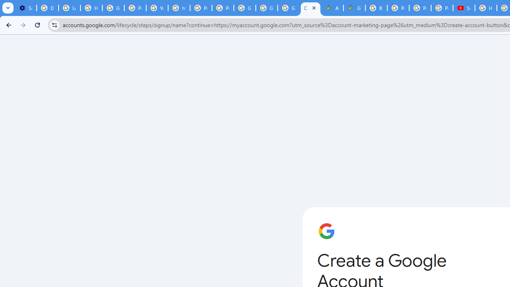 The image size is (510, 287). What do you see at coordinates (464, 8) in the screenshot?
I see `'Subscriptions - YouTube'` at bounding box center [464, 8].